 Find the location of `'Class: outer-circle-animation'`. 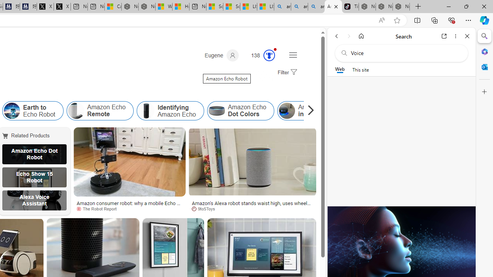

'Class: outer-circle-animation' is located at coordinates (269, 55).